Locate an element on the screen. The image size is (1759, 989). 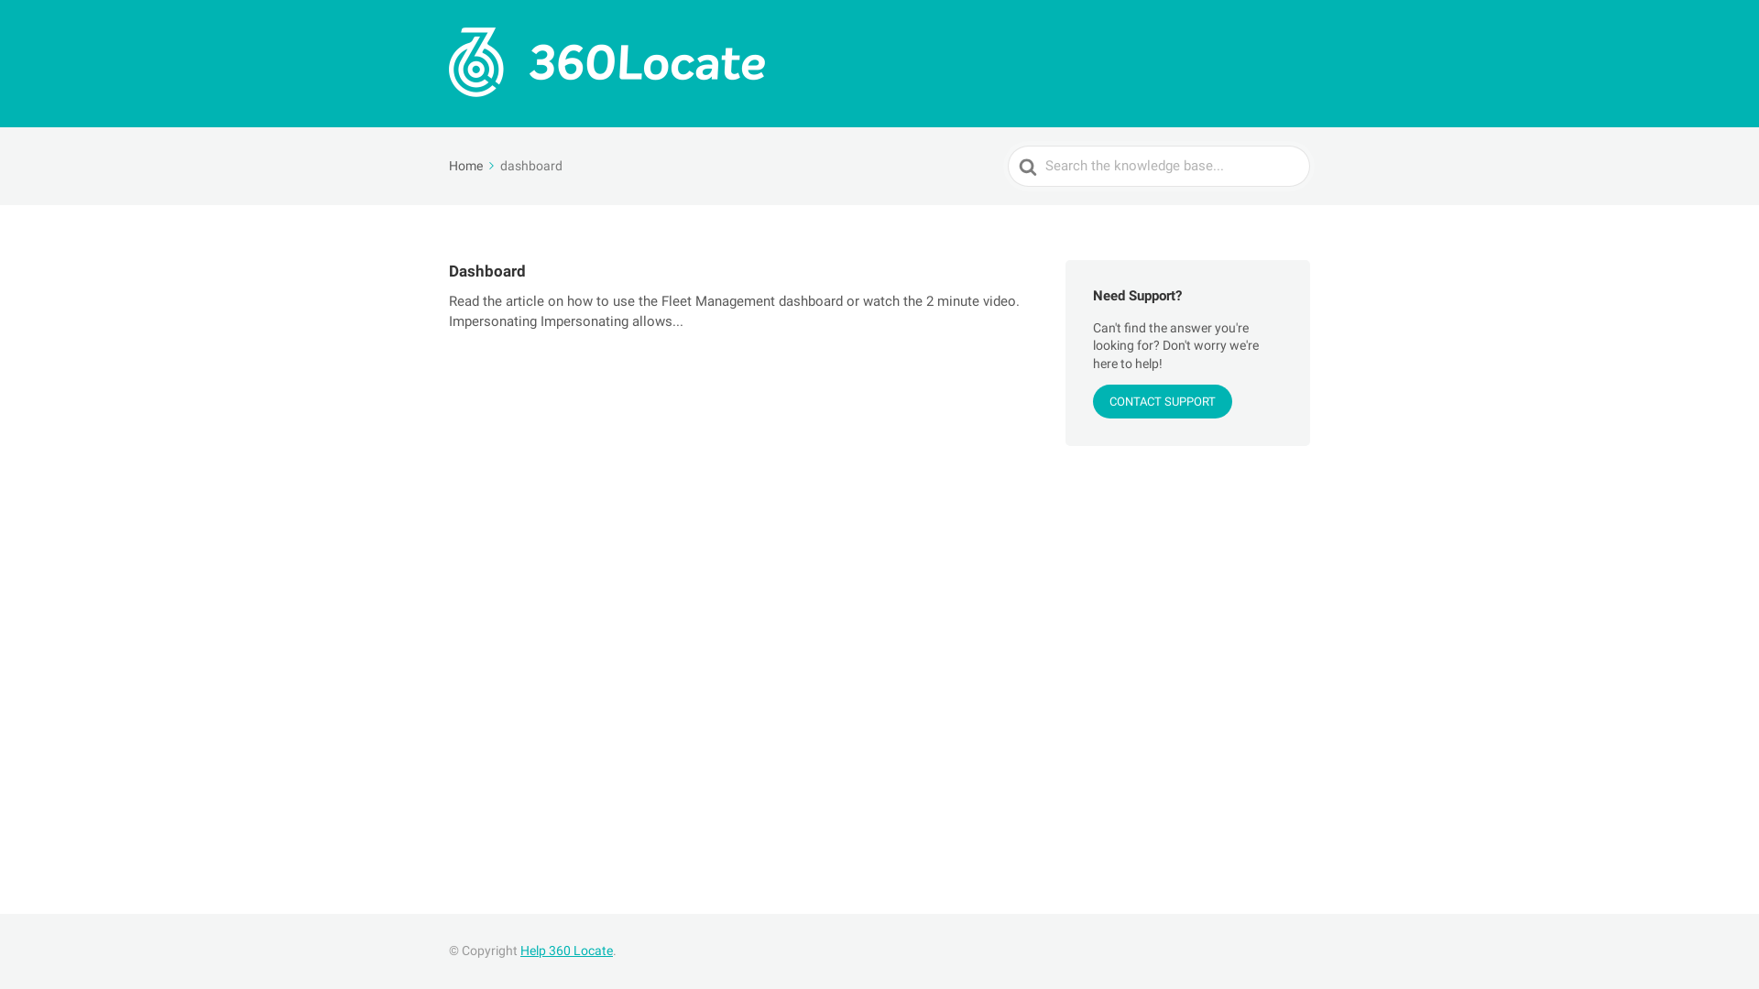
'CONTACT SUPPORT' is located at coordinates (1161, 400).